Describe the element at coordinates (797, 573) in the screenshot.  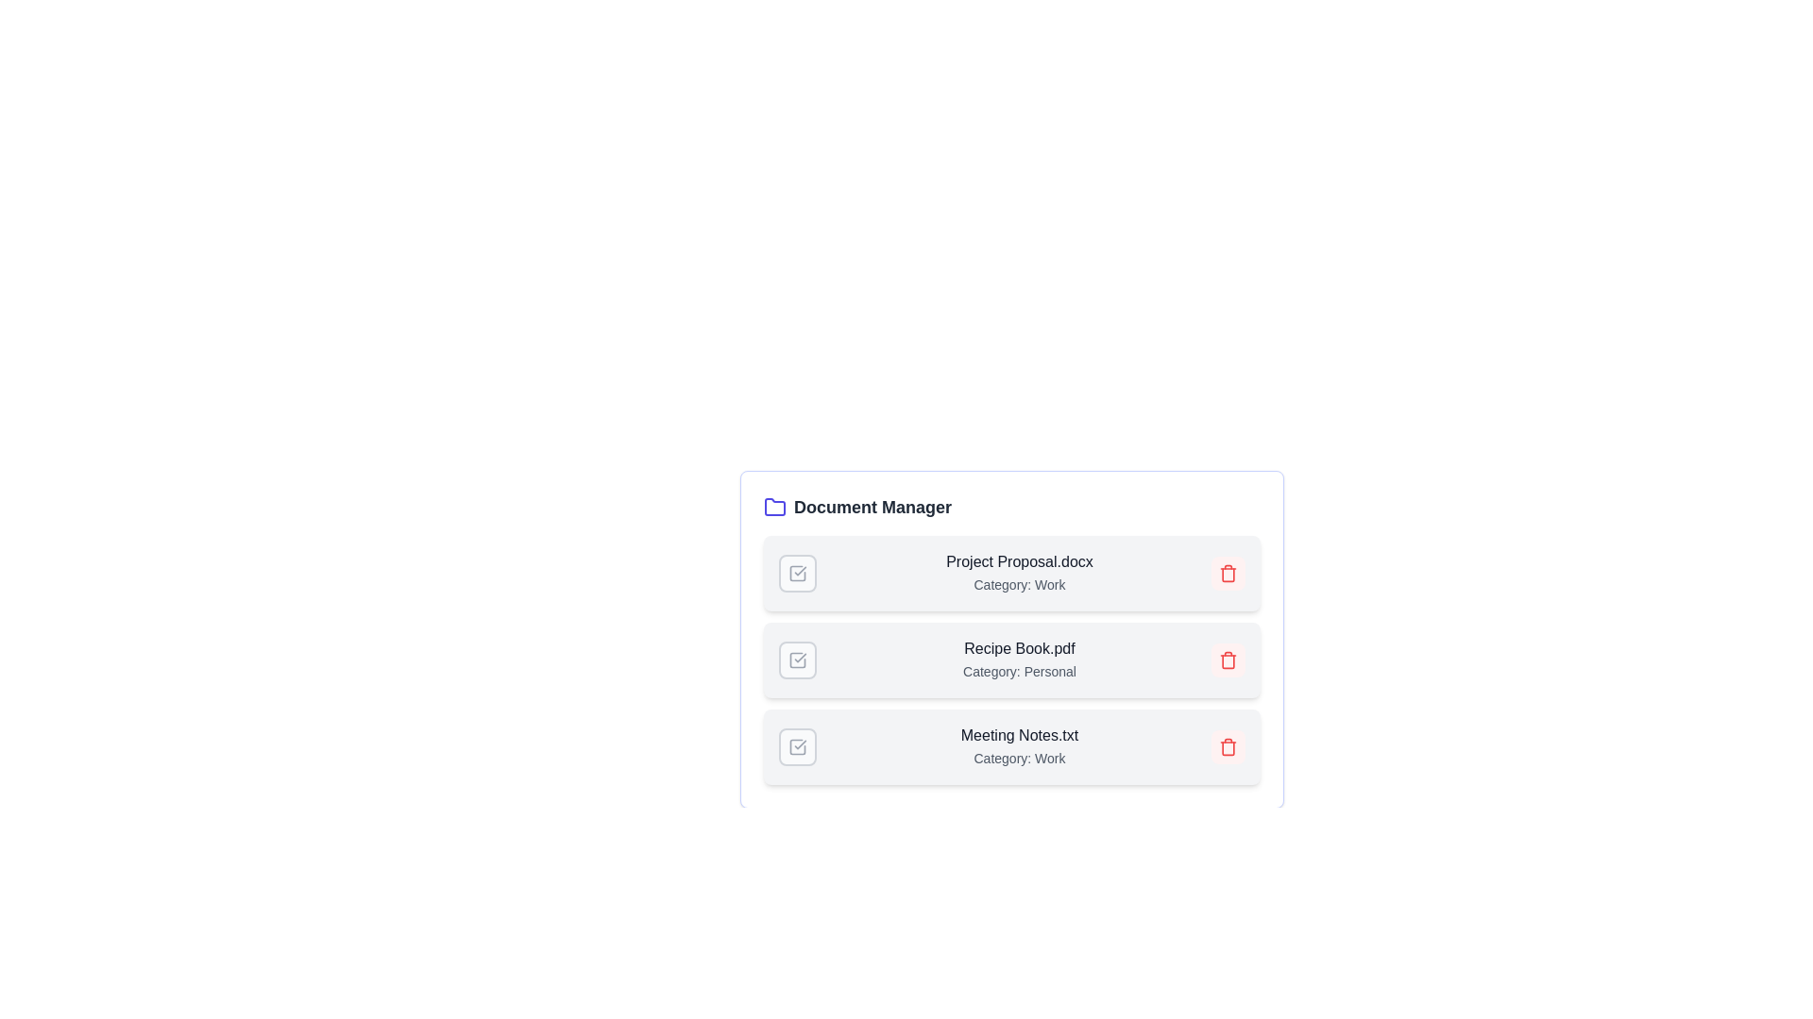
I see `the decorative rectangular frame of the document icon in the Document Manager UI` at that location.